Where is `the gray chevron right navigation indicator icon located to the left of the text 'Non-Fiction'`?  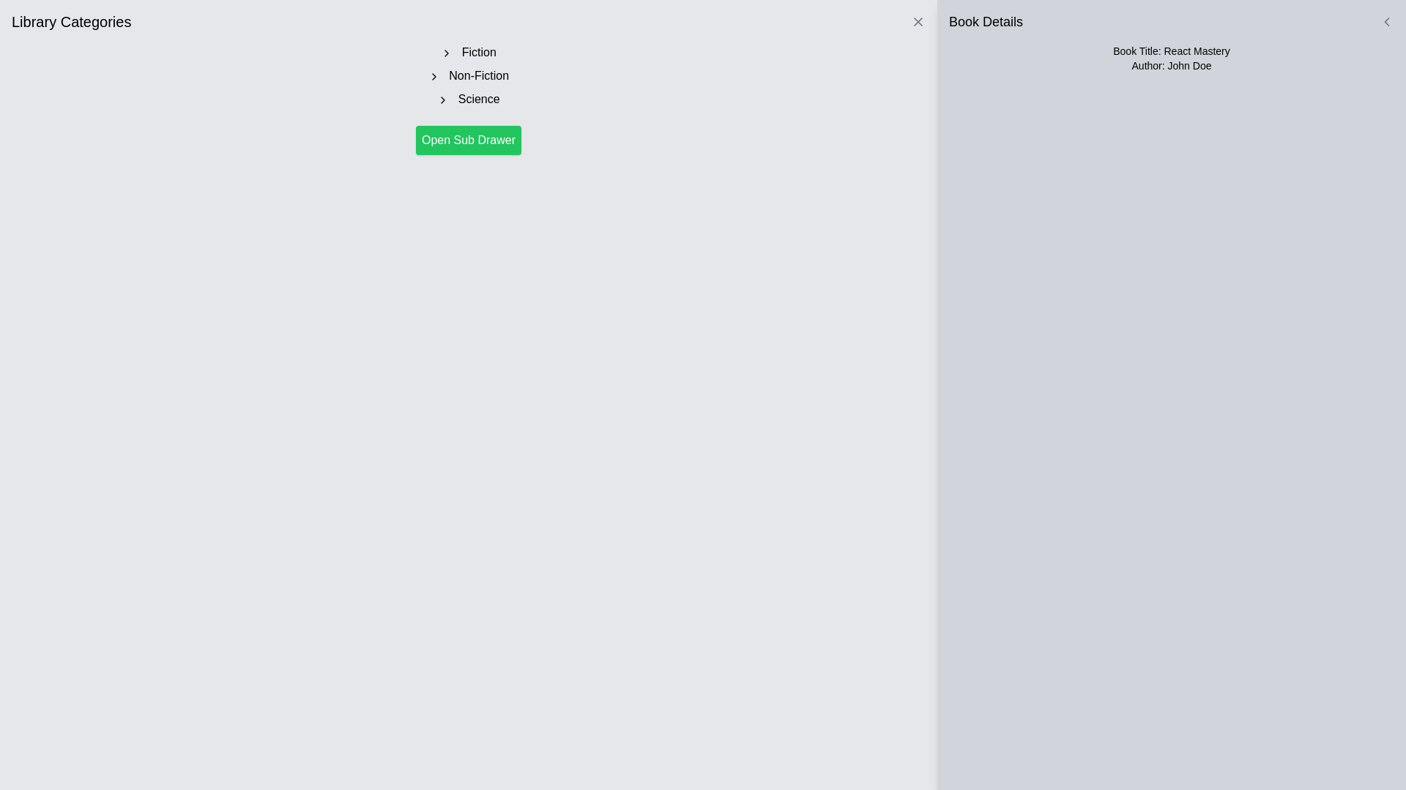 the gray chevron right navigation indicator icon located to the left of the text 'Non-Fiction' is located at coordinates (433, 76).